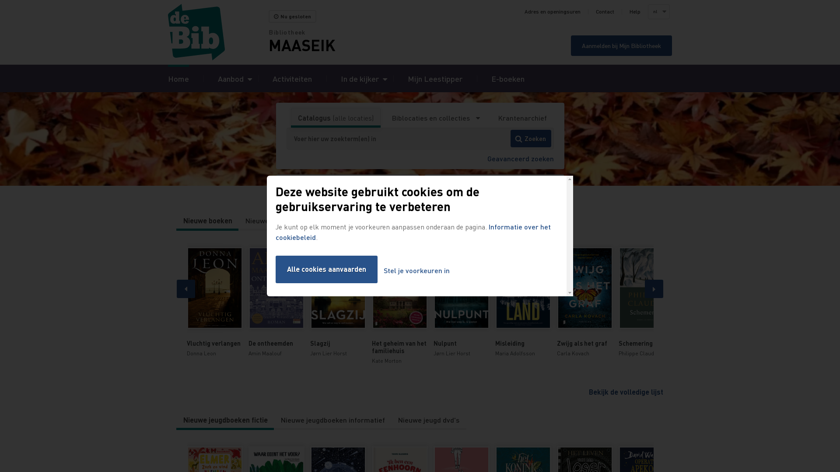 The width and height of the screenshot is (840, 472). I want to click on 'Nu gesloten', so click(292, 16).